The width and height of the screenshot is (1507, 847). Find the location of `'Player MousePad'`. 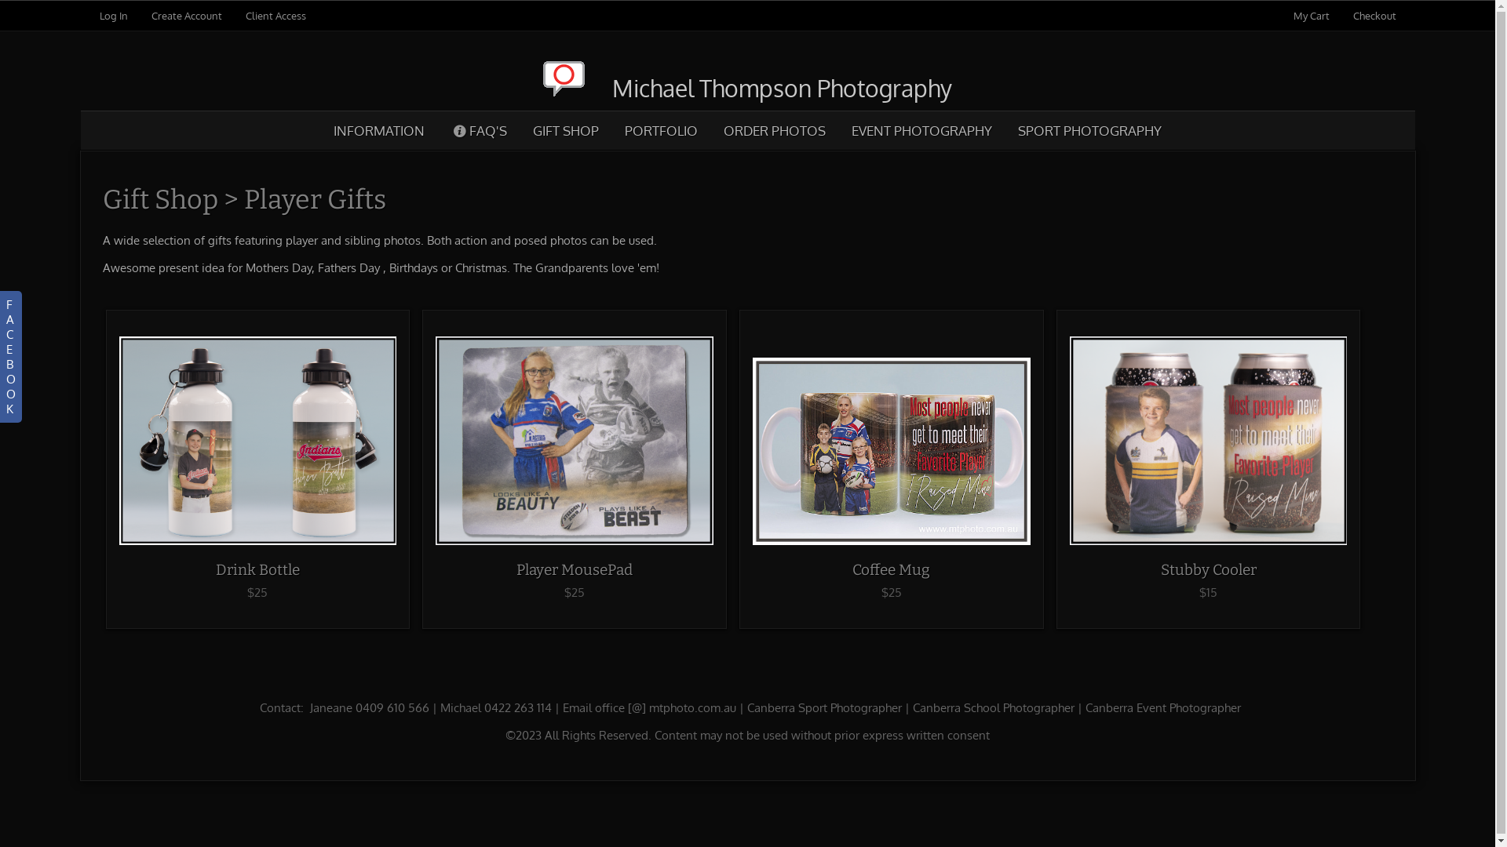

'Player MousePad' is located at coordinates (573, 569).